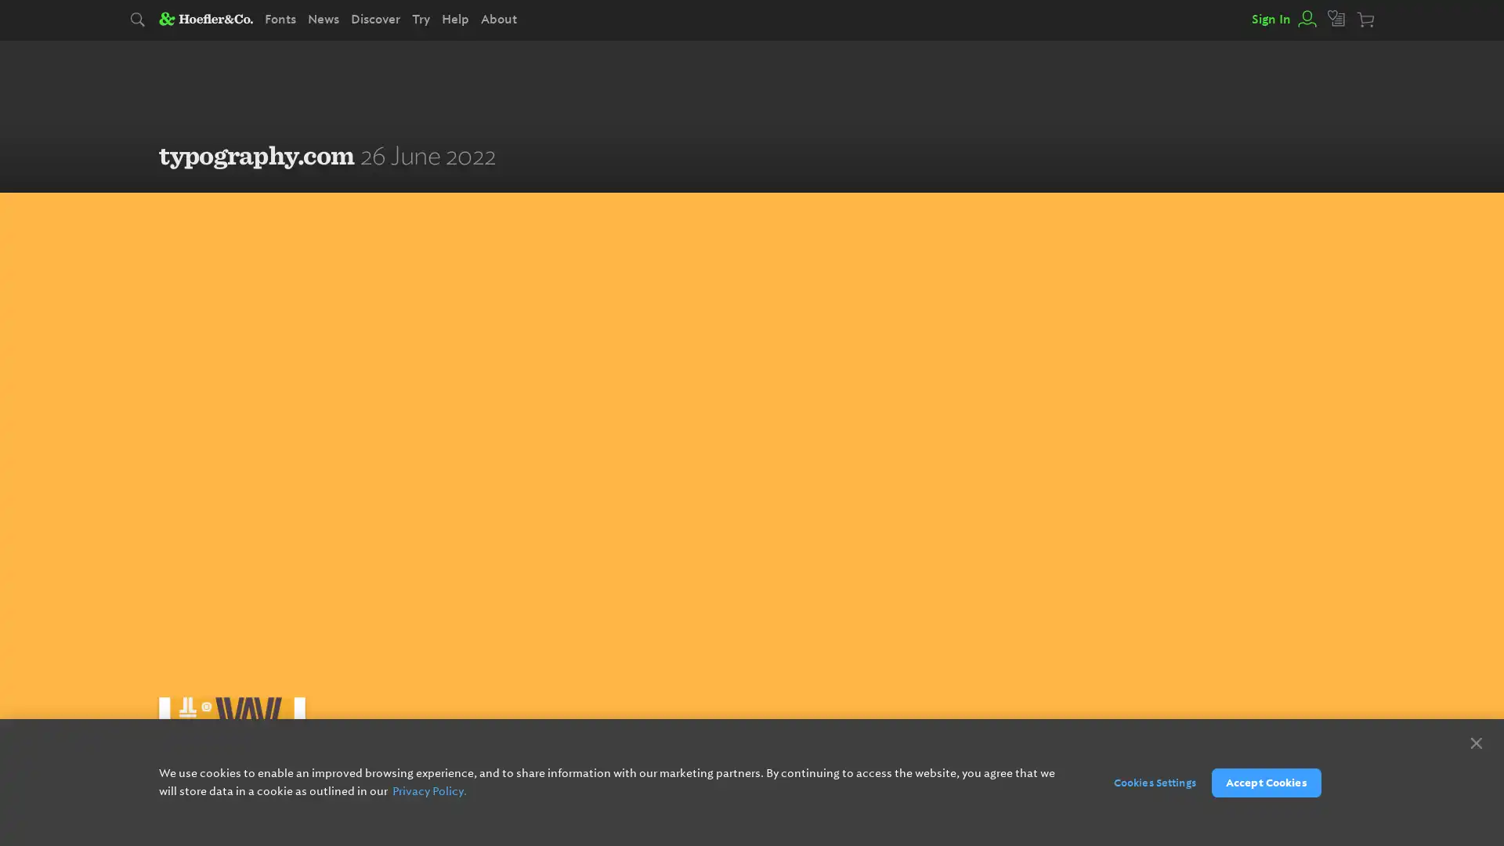 Image resolution: width=1504 pixels, height=846 pixels. Describe the element at coordinates (1266, 782) in the screenshot. I see `Accept Cookies` at that location.